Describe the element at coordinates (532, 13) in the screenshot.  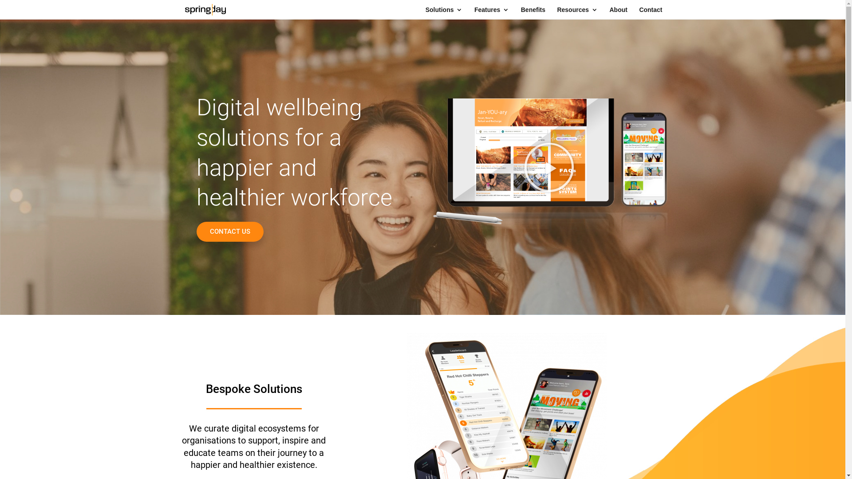
I see `'Benefits'` at that location.